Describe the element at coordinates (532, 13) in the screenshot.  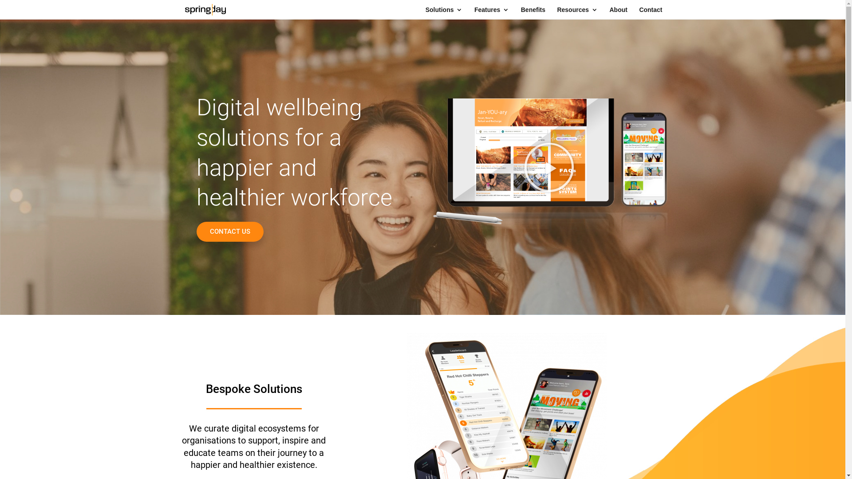
I see `'Benefits'` at that location.